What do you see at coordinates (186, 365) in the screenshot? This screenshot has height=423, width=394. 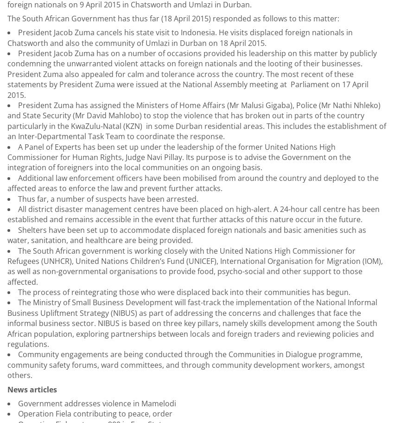 I see `'Community engagements are being conducted through the Communities in Dialogue programme, community safety forums, ward committees, and through community development workers, amongst others.'` at bounding box center [186, 365].